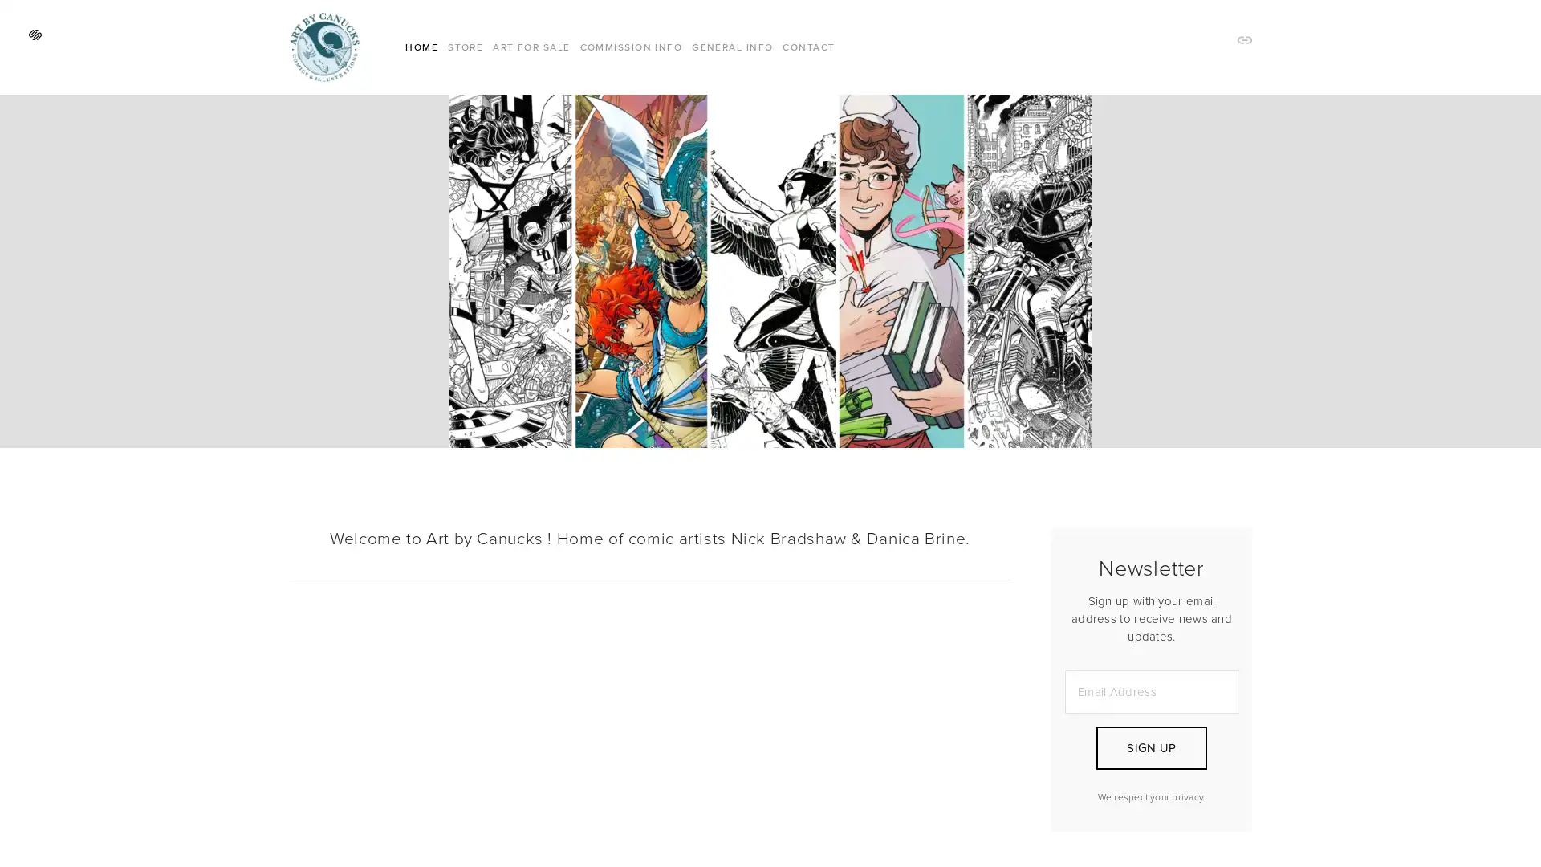 The image size is (1541, 867). What do you see at coordinates (1150, 748) in the screenshot?
I see `SIGN UP` at bounding box center [1150, 748].